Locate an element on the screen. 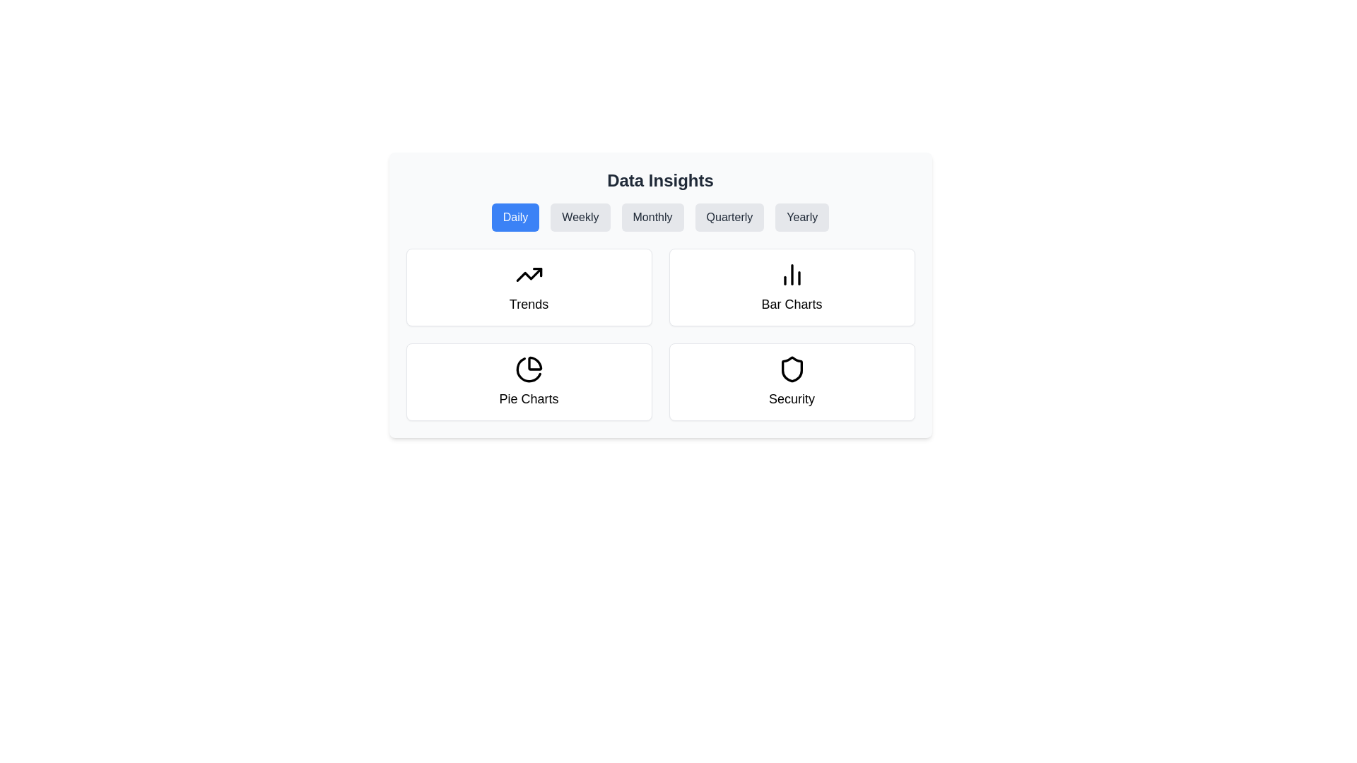 The height and width of the screenshot is (763, 1357). the inner part of the shield icon in the 'Security' panel located beneath the 'Data Insights' heading is located at coordinates (792, 369).